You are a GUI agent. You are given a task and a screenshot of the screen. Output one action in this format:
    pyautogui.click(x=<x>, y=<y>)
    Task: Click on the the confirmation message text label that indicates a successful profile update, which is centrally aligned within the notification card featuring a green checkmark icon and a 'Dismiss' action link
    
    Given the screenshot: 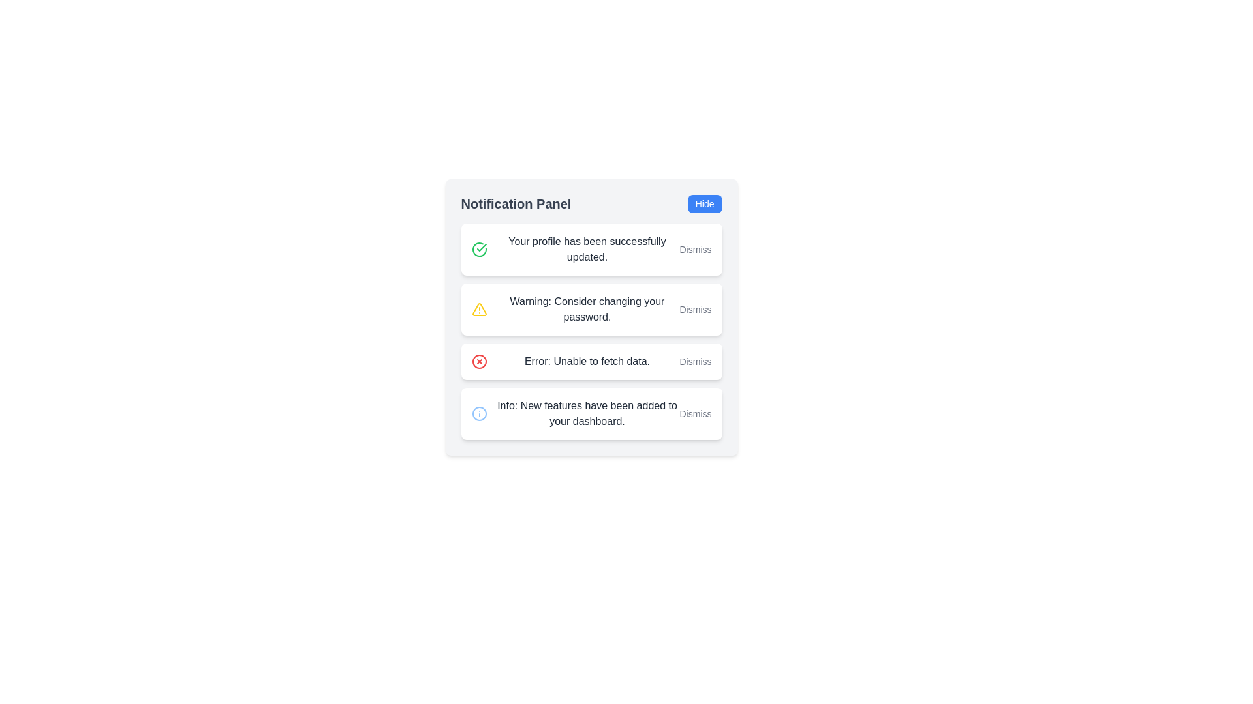 What is the action you would take?
    pyautogui.click(x=587, y=249)
    